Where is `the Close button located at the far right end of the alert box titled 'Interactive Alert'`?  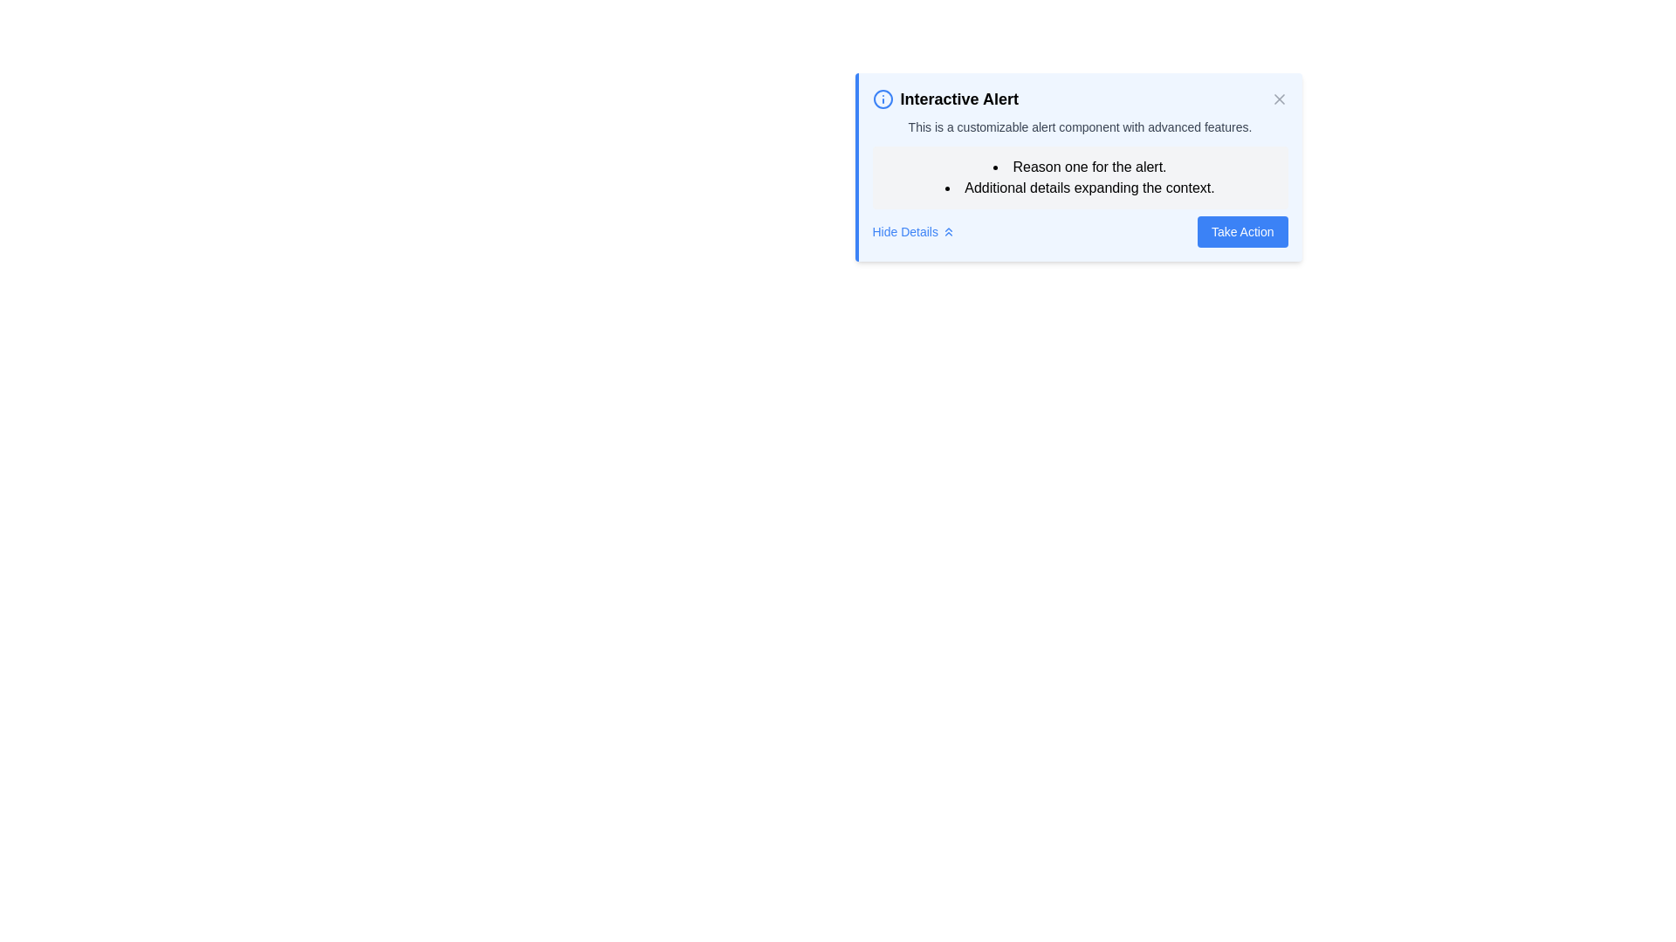
the Close button located at the far right end of the alert box titled 'Interactive Alert' is located at coordinates (1279, 99).